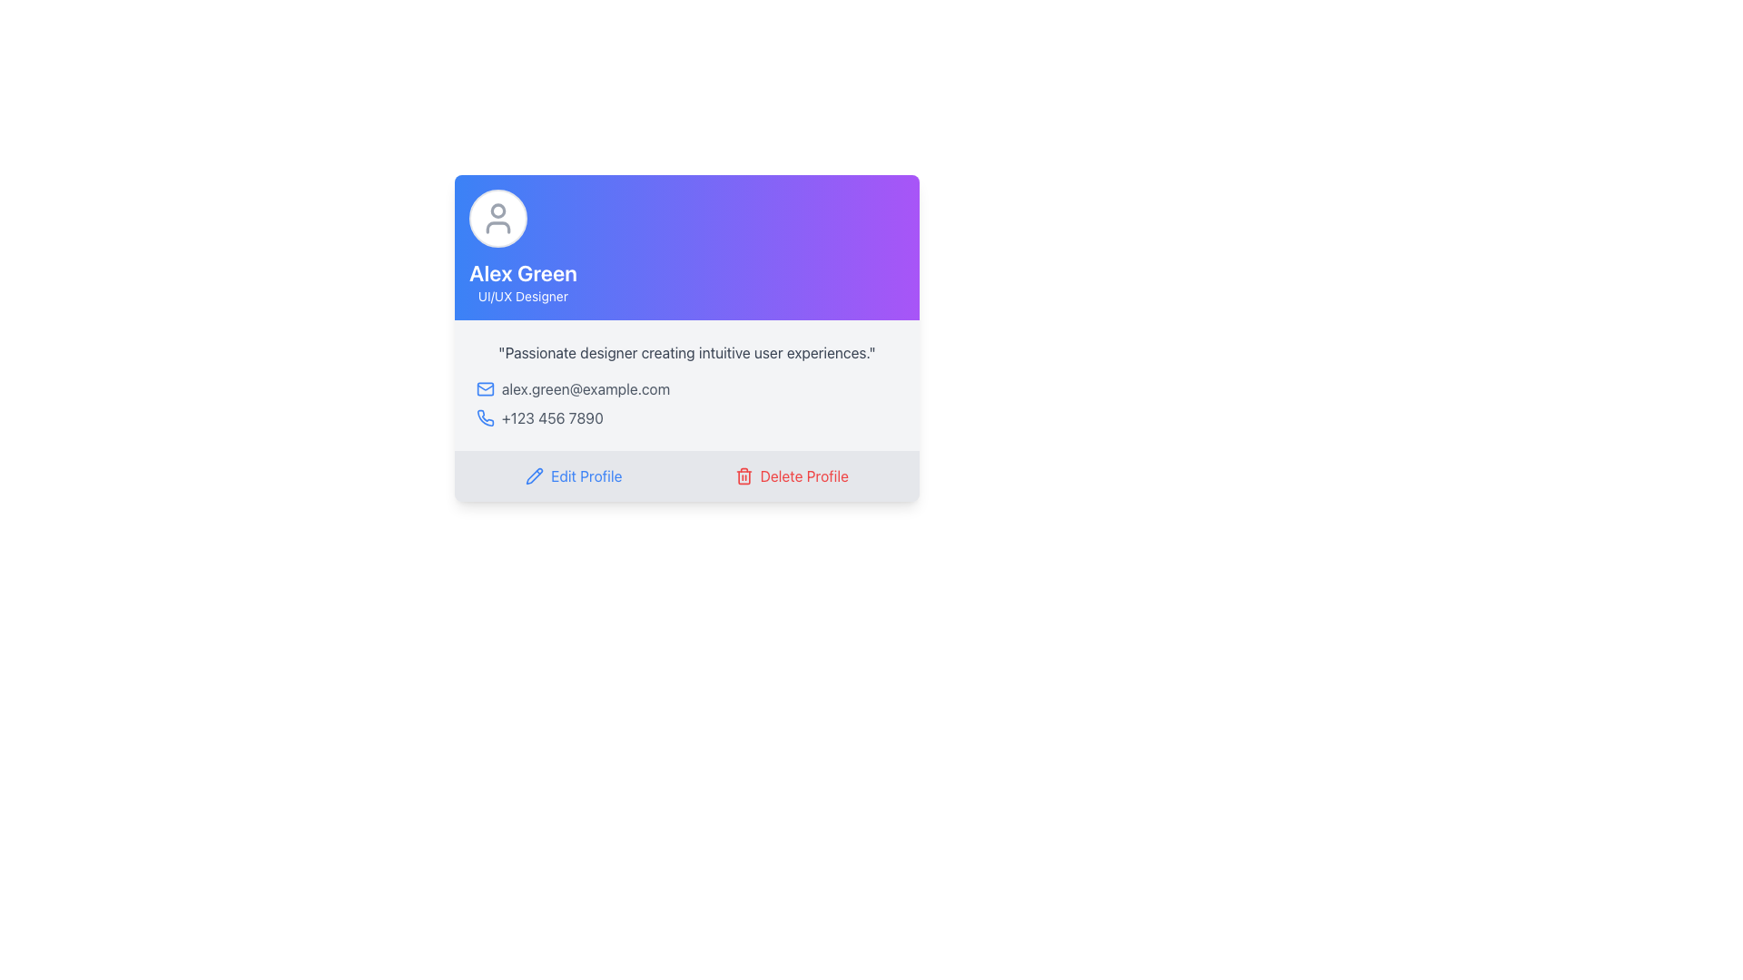  I want to click on the SVG Rectangle element that is part of the envelope icon accompanying the email address 'alex.green@example.com', so click(485, 387).